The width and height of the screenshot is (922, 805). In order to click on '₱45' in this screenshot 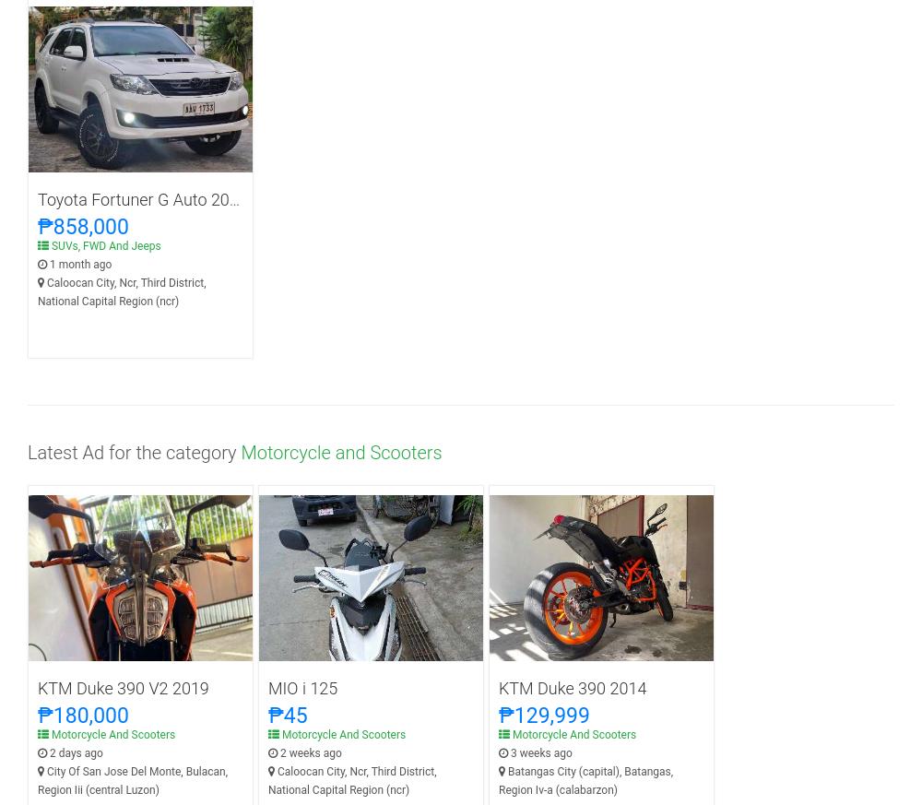, I will do `click(268, 715)`.